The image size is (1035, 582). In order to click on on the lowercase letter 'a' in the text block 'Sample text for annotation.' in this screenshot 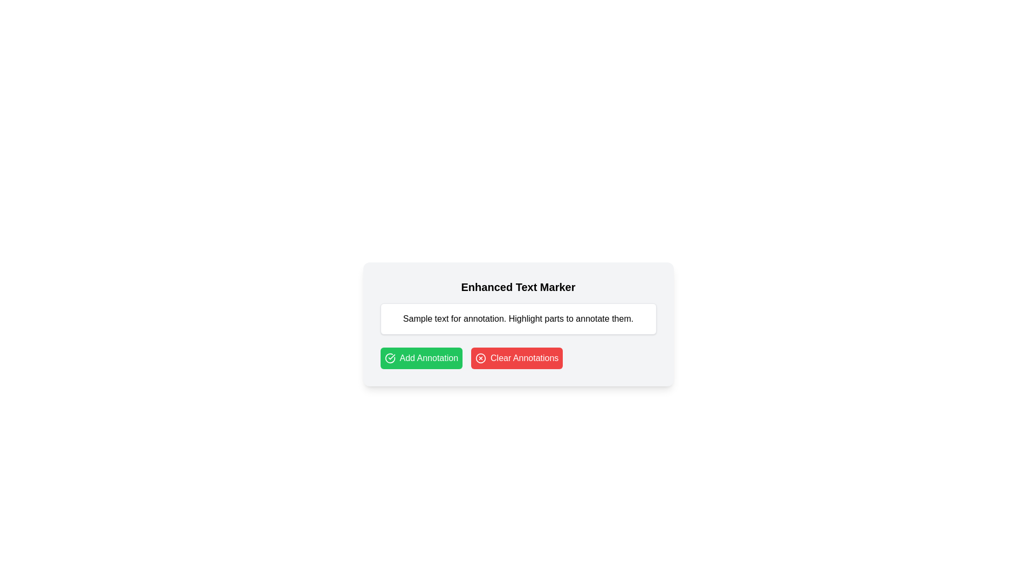, I will do `click(466, 318)`.